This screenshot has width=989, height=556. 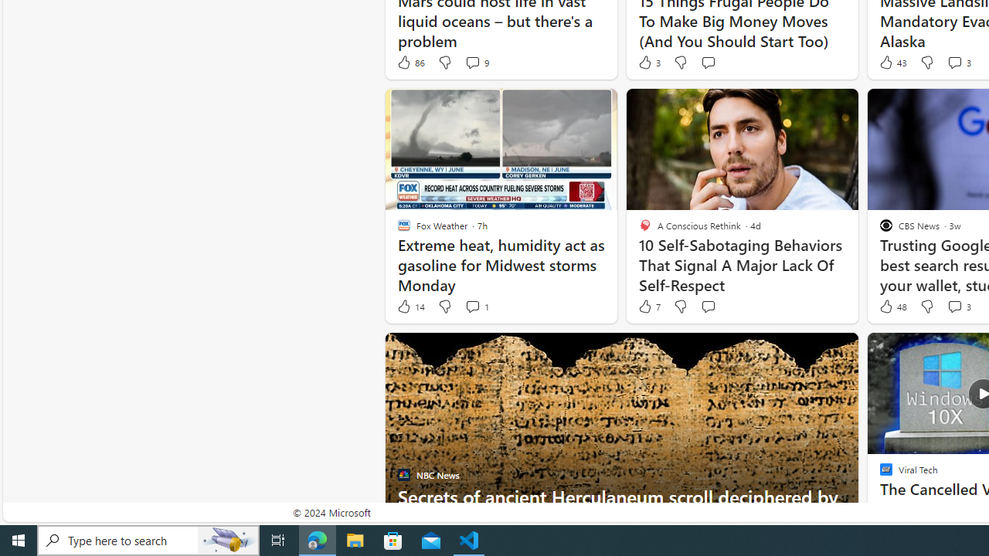 I want to click on '3 Like', so click(x=648, y=62).